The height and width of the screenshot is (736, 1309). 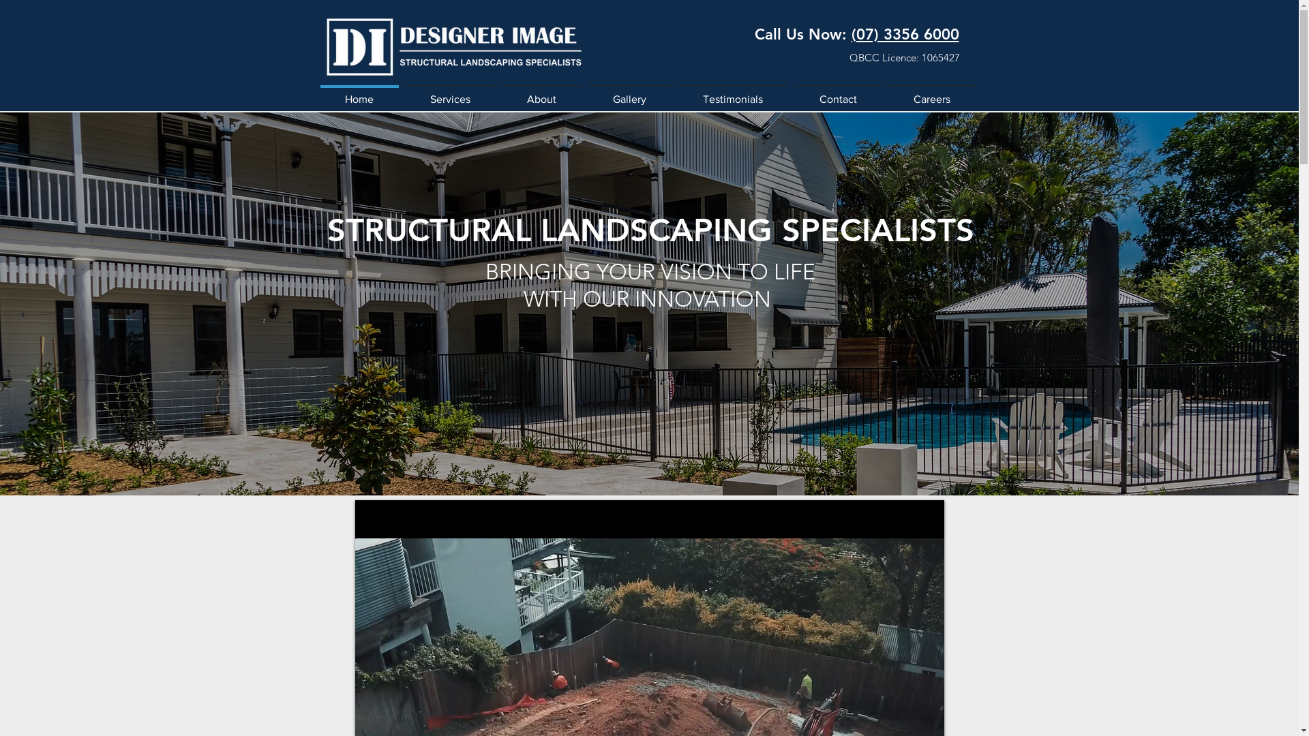 What do you see at coordinates (629, 92) in the screenshot?
I see `'Gallery'` at bounding box center [629, 92].